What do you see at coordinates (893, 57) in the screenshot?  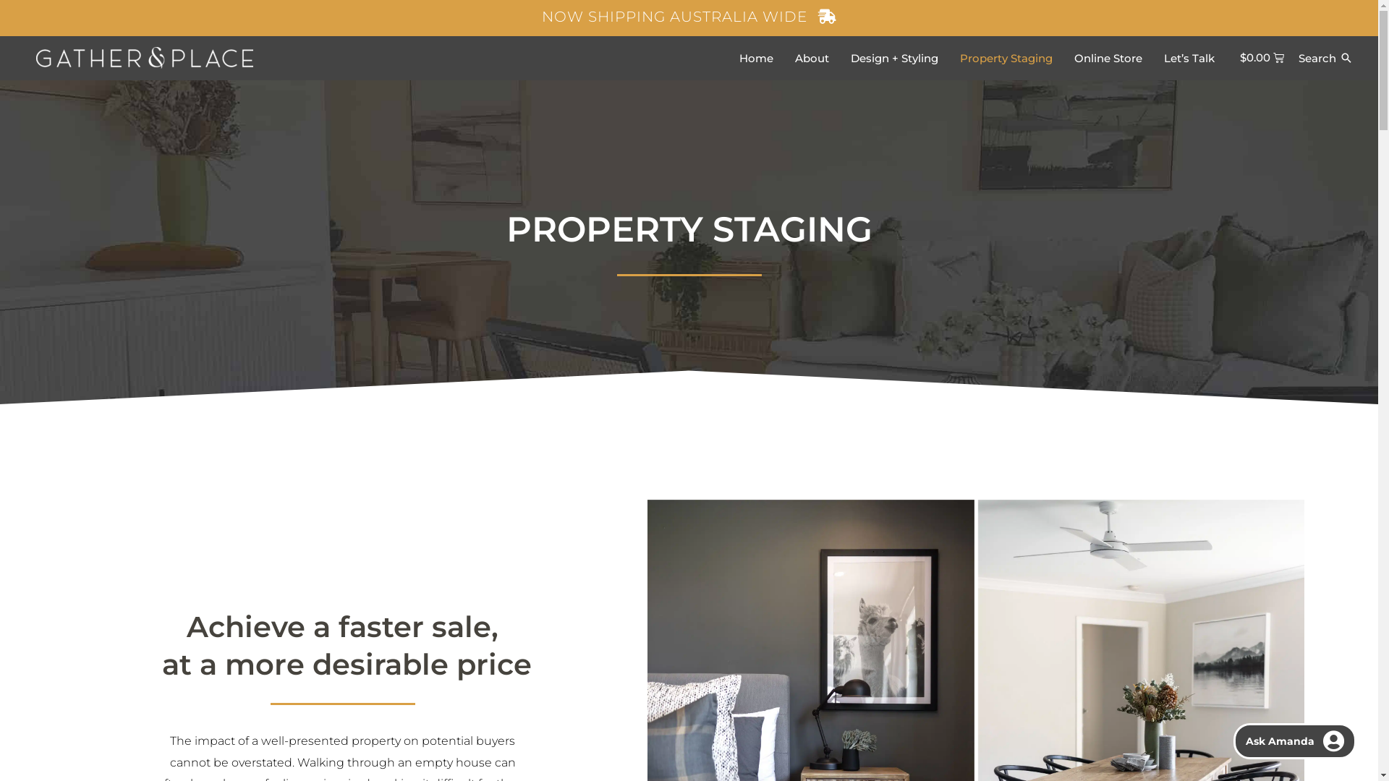 I see `'Design + Styling'` at bounding box center [893, 57].